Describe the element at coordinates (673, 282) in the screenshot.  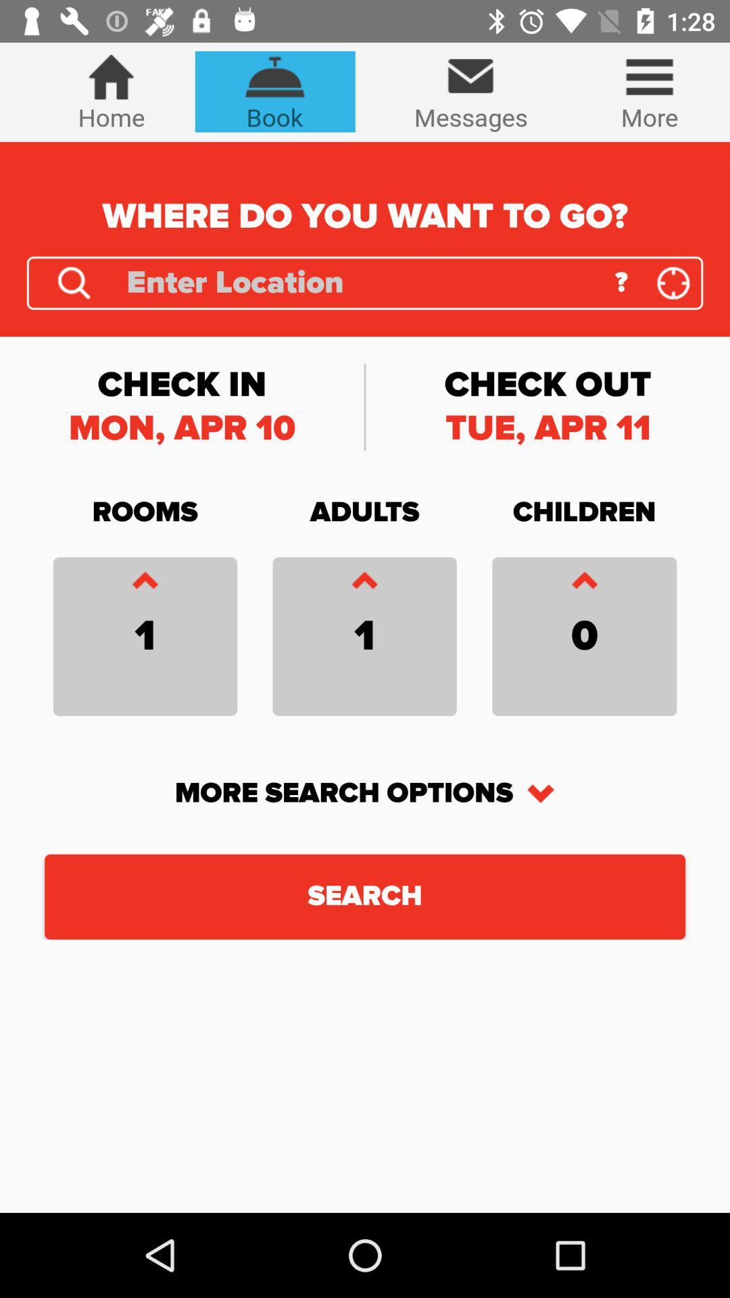
I see `the icon above the check out icon` at that location.